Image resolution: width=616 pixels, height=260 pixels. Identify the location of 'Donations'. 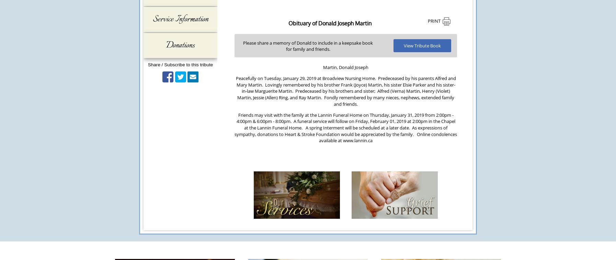
(180, 45).